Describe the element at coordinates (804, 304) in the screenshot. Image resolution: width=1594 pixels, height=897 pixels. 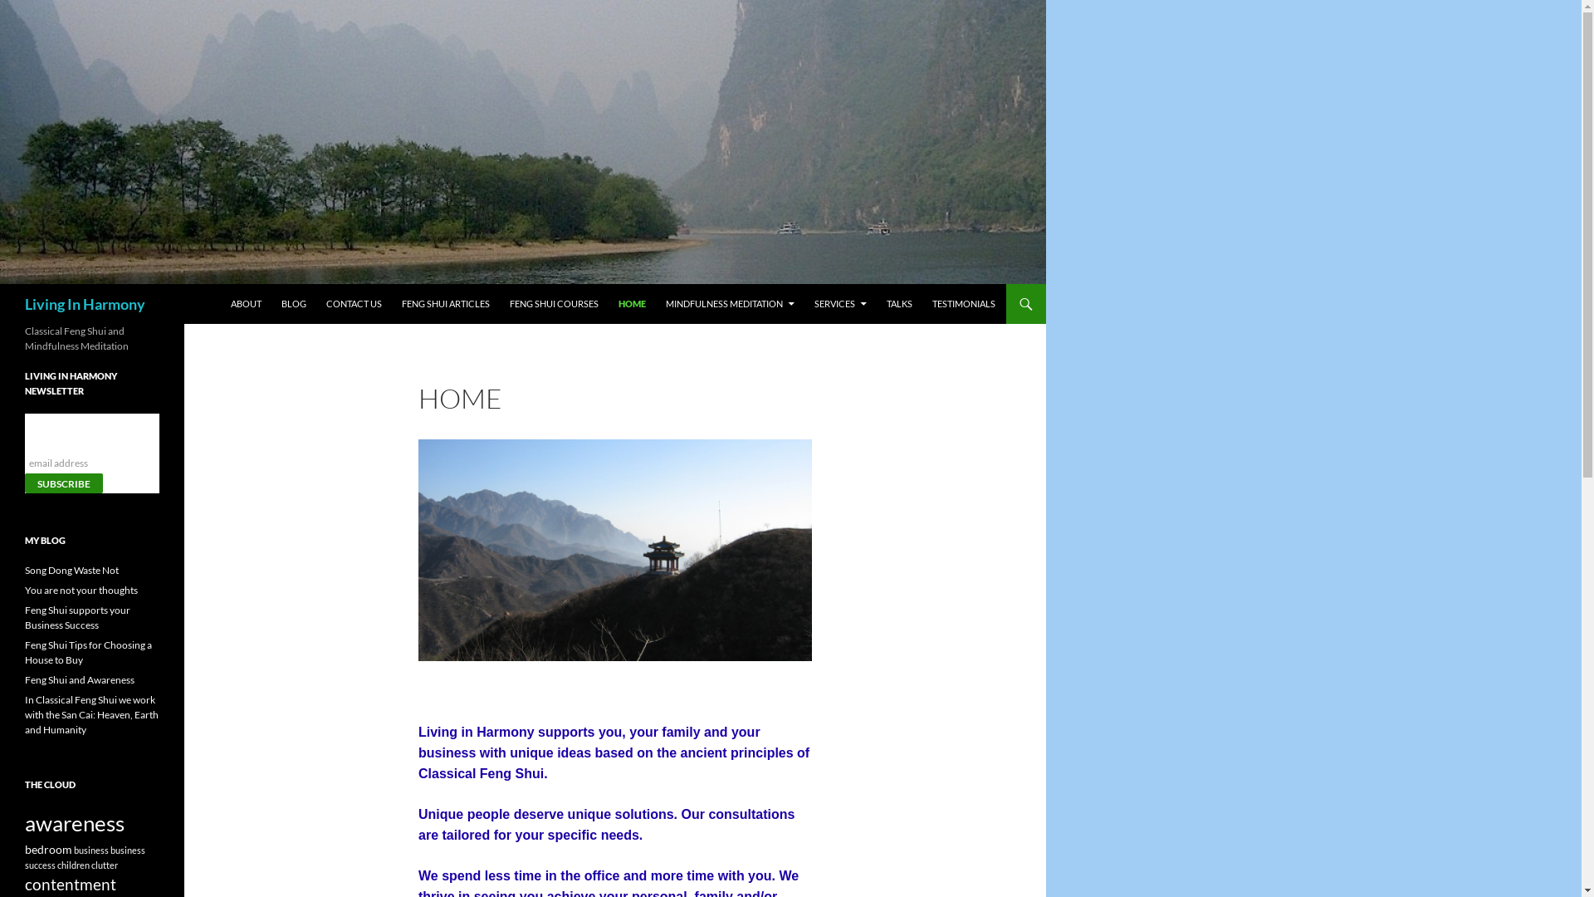
I see `'SERVICES'` at that location.